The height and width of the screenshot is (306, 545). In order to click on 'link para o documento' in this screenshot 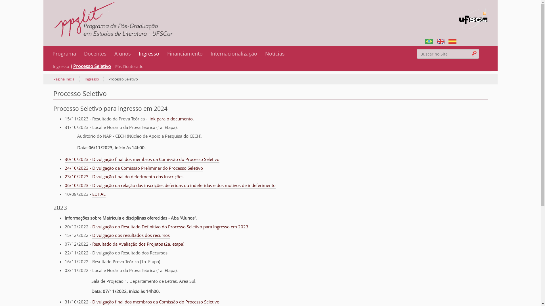, I will do `click(170, 119)`.